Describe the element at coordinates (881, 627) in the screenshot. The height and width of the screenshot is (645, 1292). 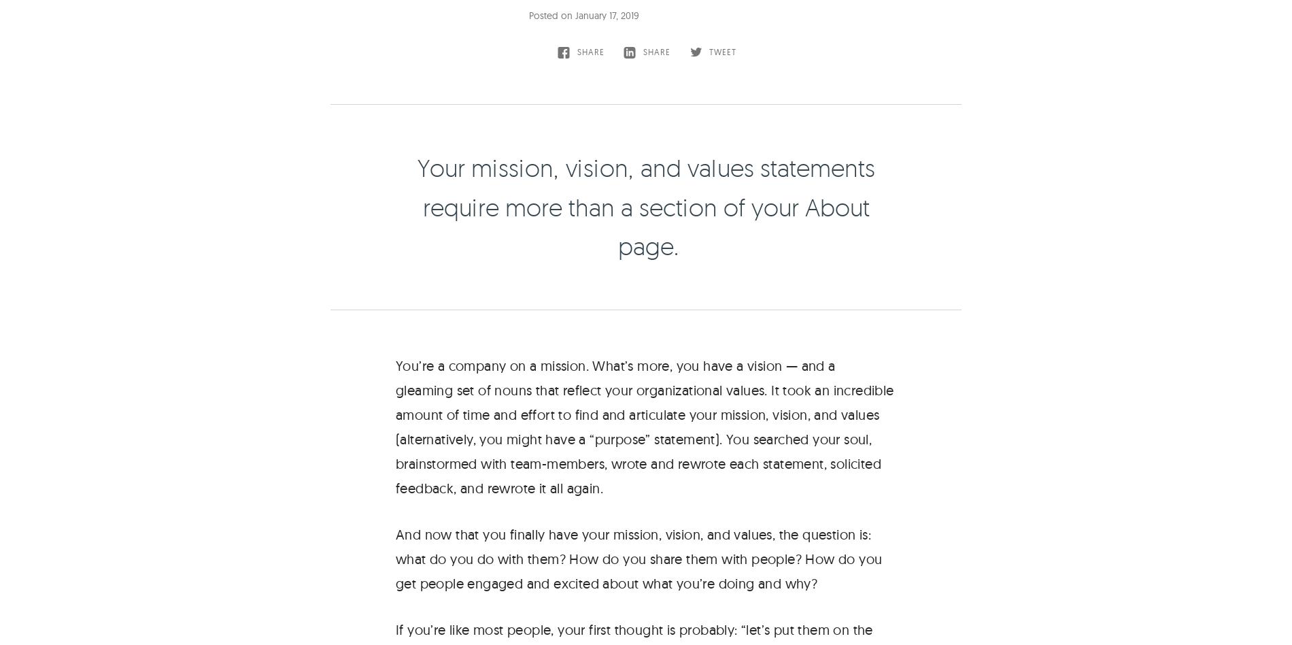
I see `'Code of Ethics'` at that location.